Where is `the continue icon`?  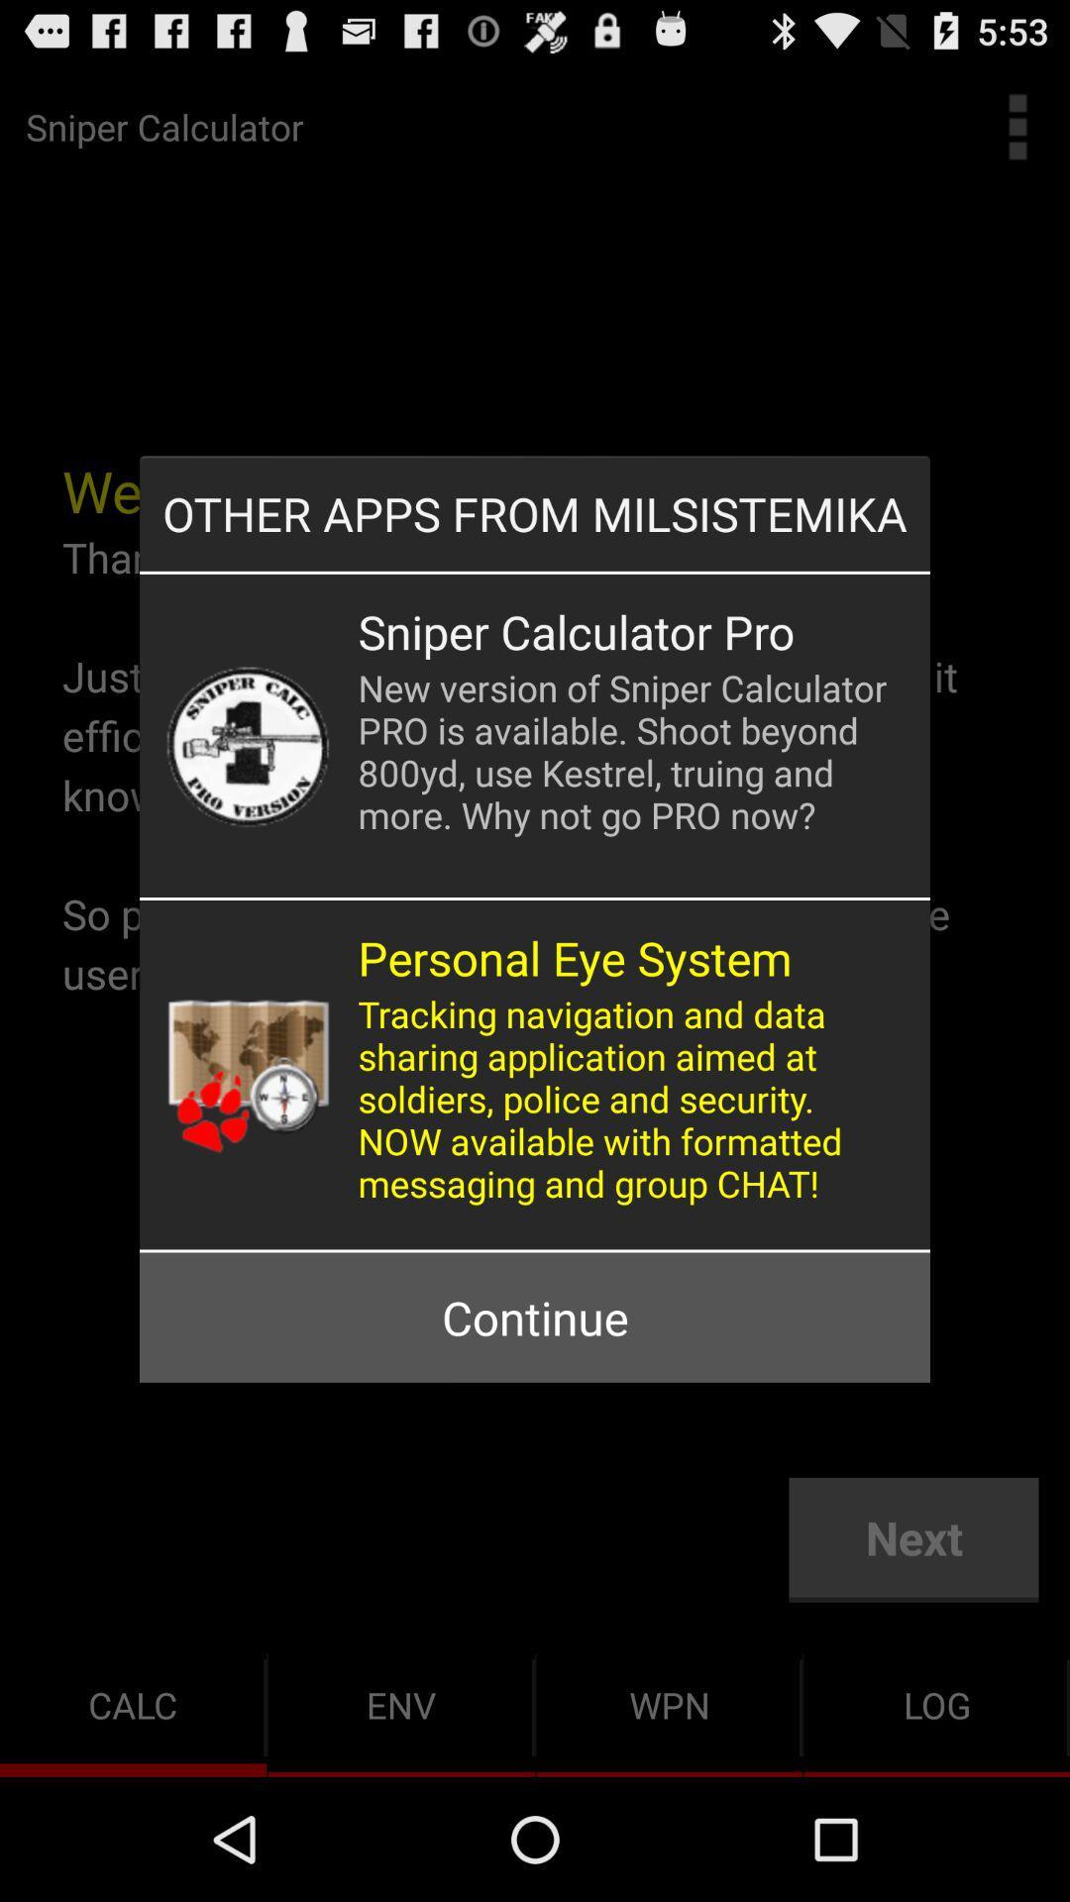 the continue icon is located at coordinates (535, 1318).